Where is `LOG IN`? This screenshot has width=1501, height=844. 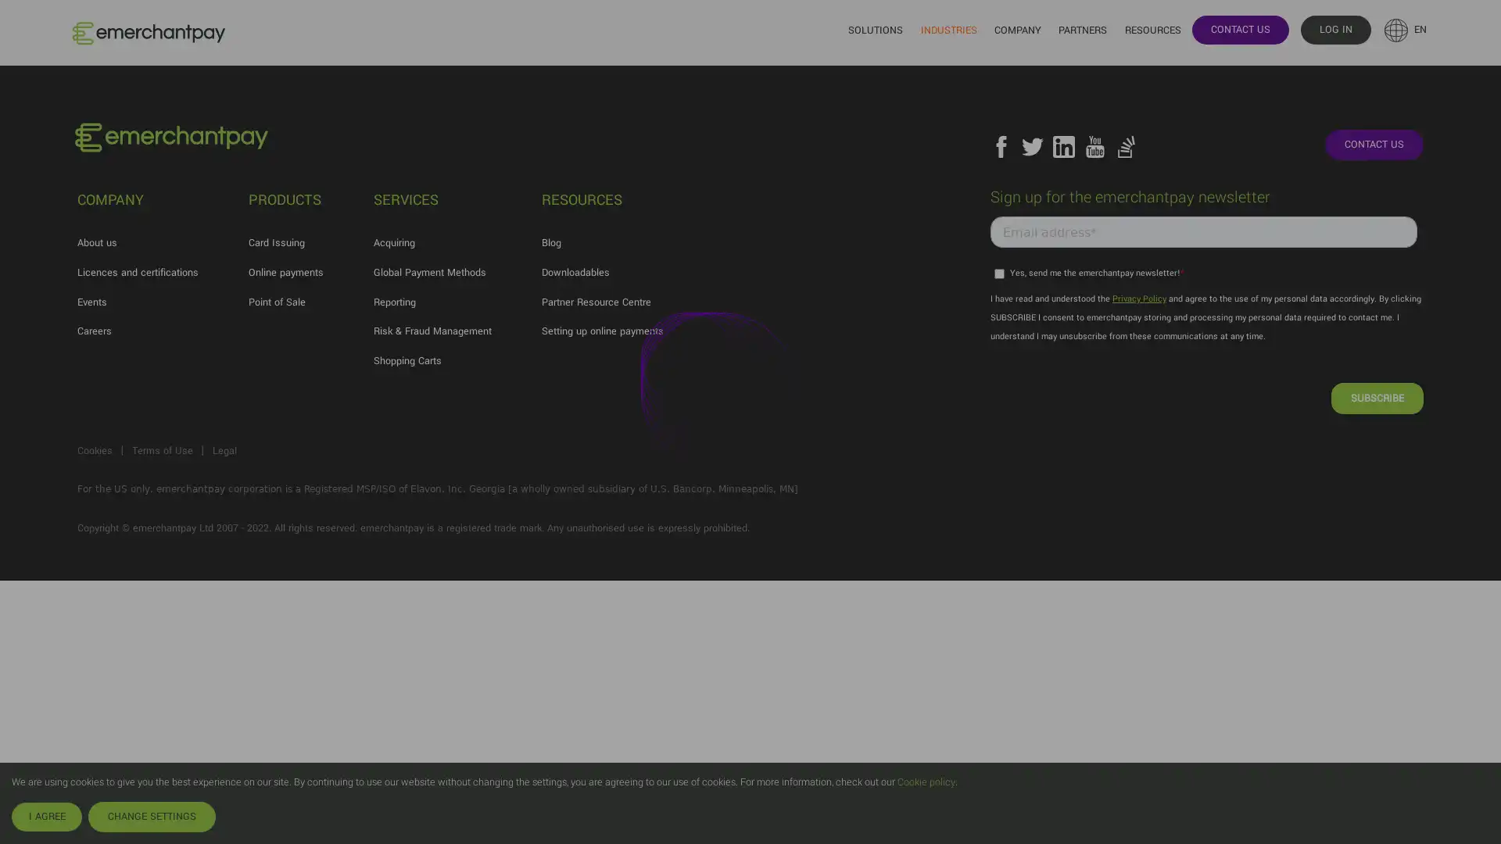 LOG IN is located at coordinates (1334, 29).